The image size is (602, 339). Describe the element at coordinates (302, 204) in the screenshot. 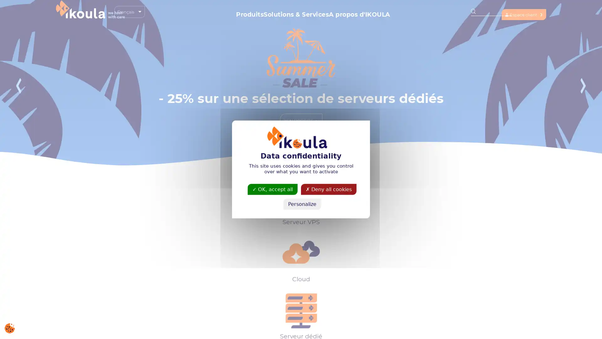

I see `Personalize` at that location.